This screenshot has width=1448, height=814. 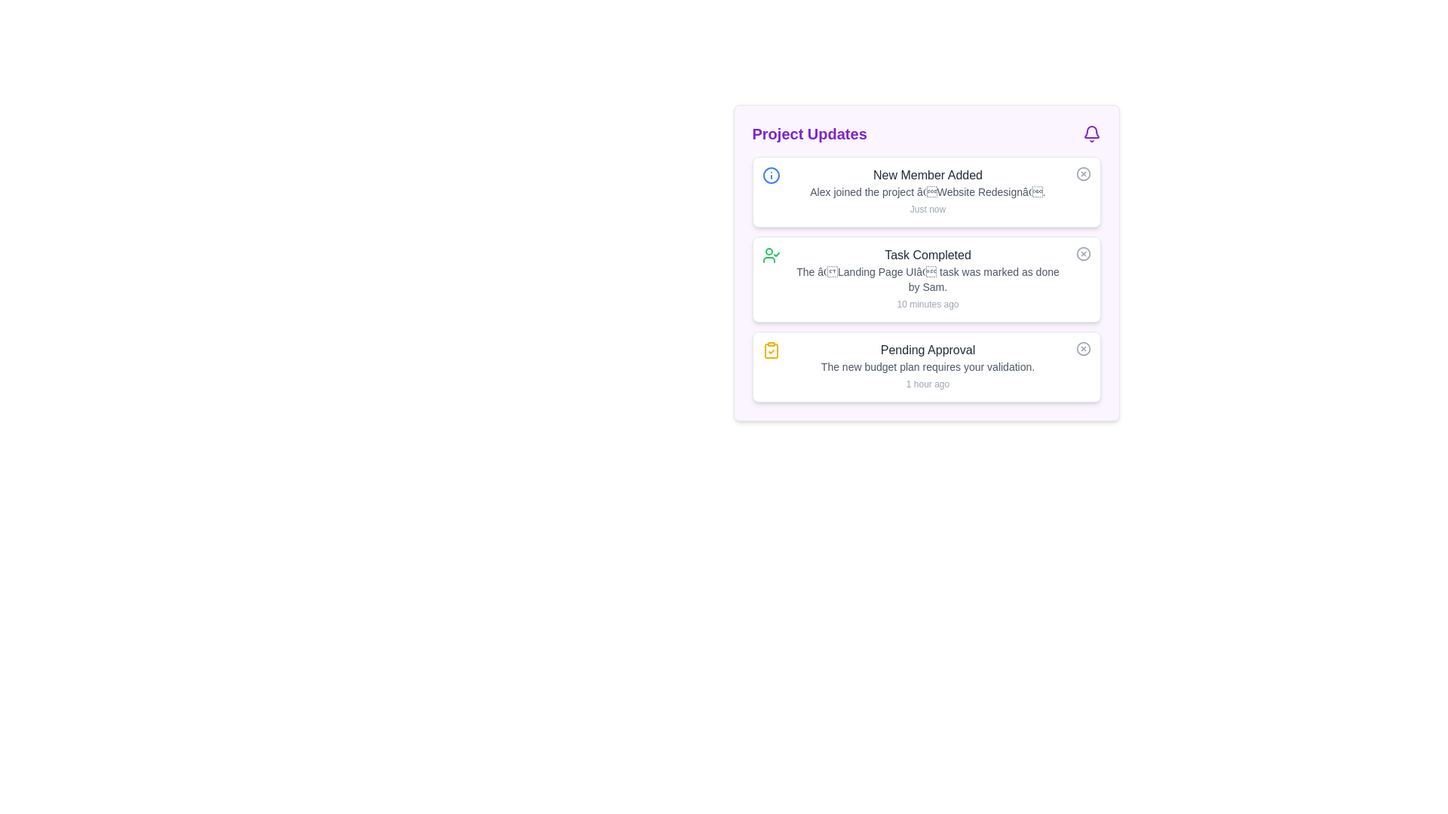 What do you see at coordinates (771, 255) in the screenshot?
I see `the success icon in the 'Project Updates' section, located in the second notification card from the top, next to the title 'Task Completed'` at bounding box center [771, 255].